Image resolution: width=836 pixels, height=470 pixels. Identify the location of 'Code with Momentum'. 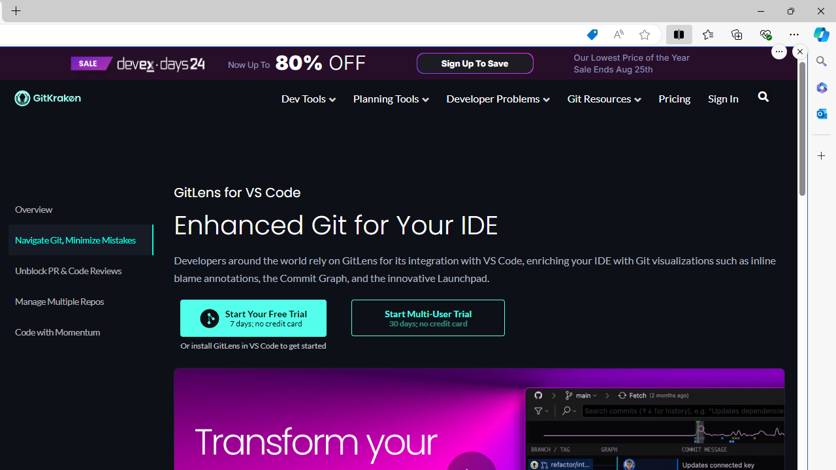
(80, 331).